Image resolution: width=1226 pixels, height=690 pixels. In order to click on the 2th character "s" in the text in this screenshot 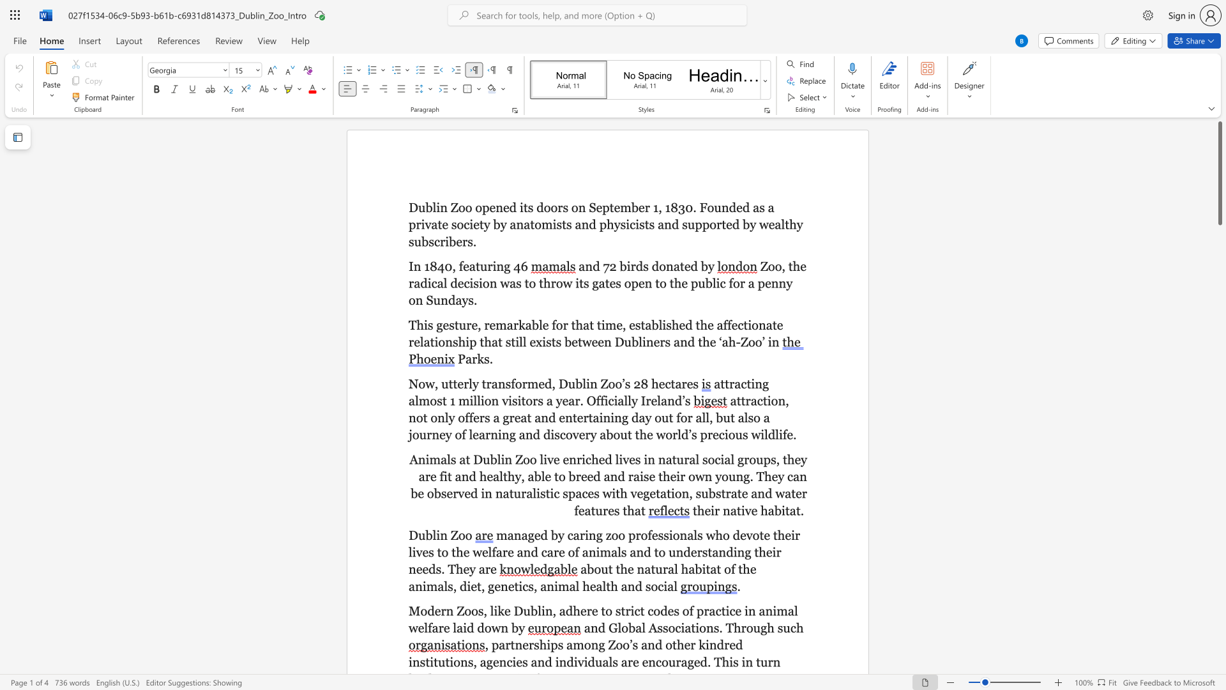, I will do `click(451, 324)`.